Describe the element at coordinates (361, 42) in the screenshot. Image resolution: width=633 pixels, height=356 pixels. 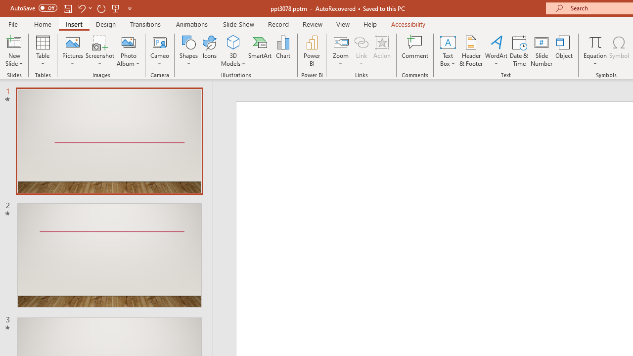
I see `'Link'` at that location.